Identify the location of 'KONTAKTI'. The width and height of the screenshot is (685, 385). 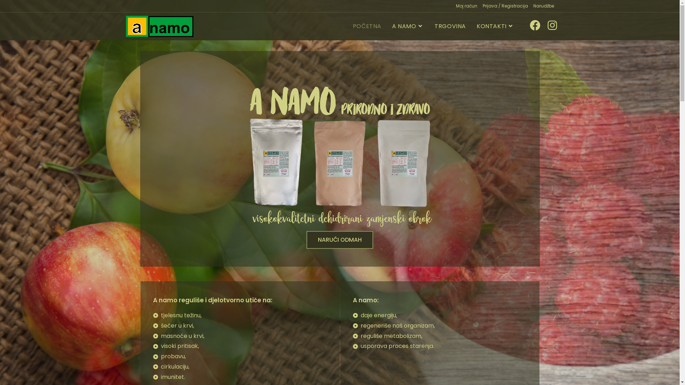
(495, 26).